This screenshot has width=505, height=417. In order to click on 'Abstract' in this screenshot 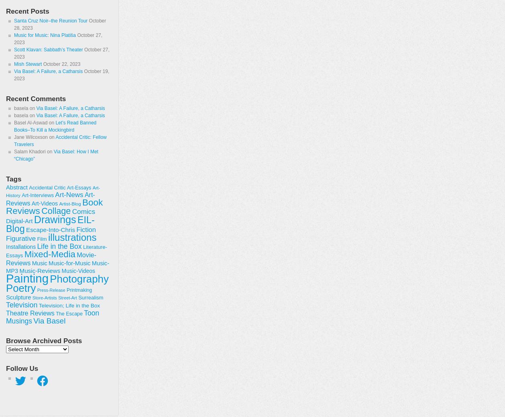, I will do `click(16, 187)`.